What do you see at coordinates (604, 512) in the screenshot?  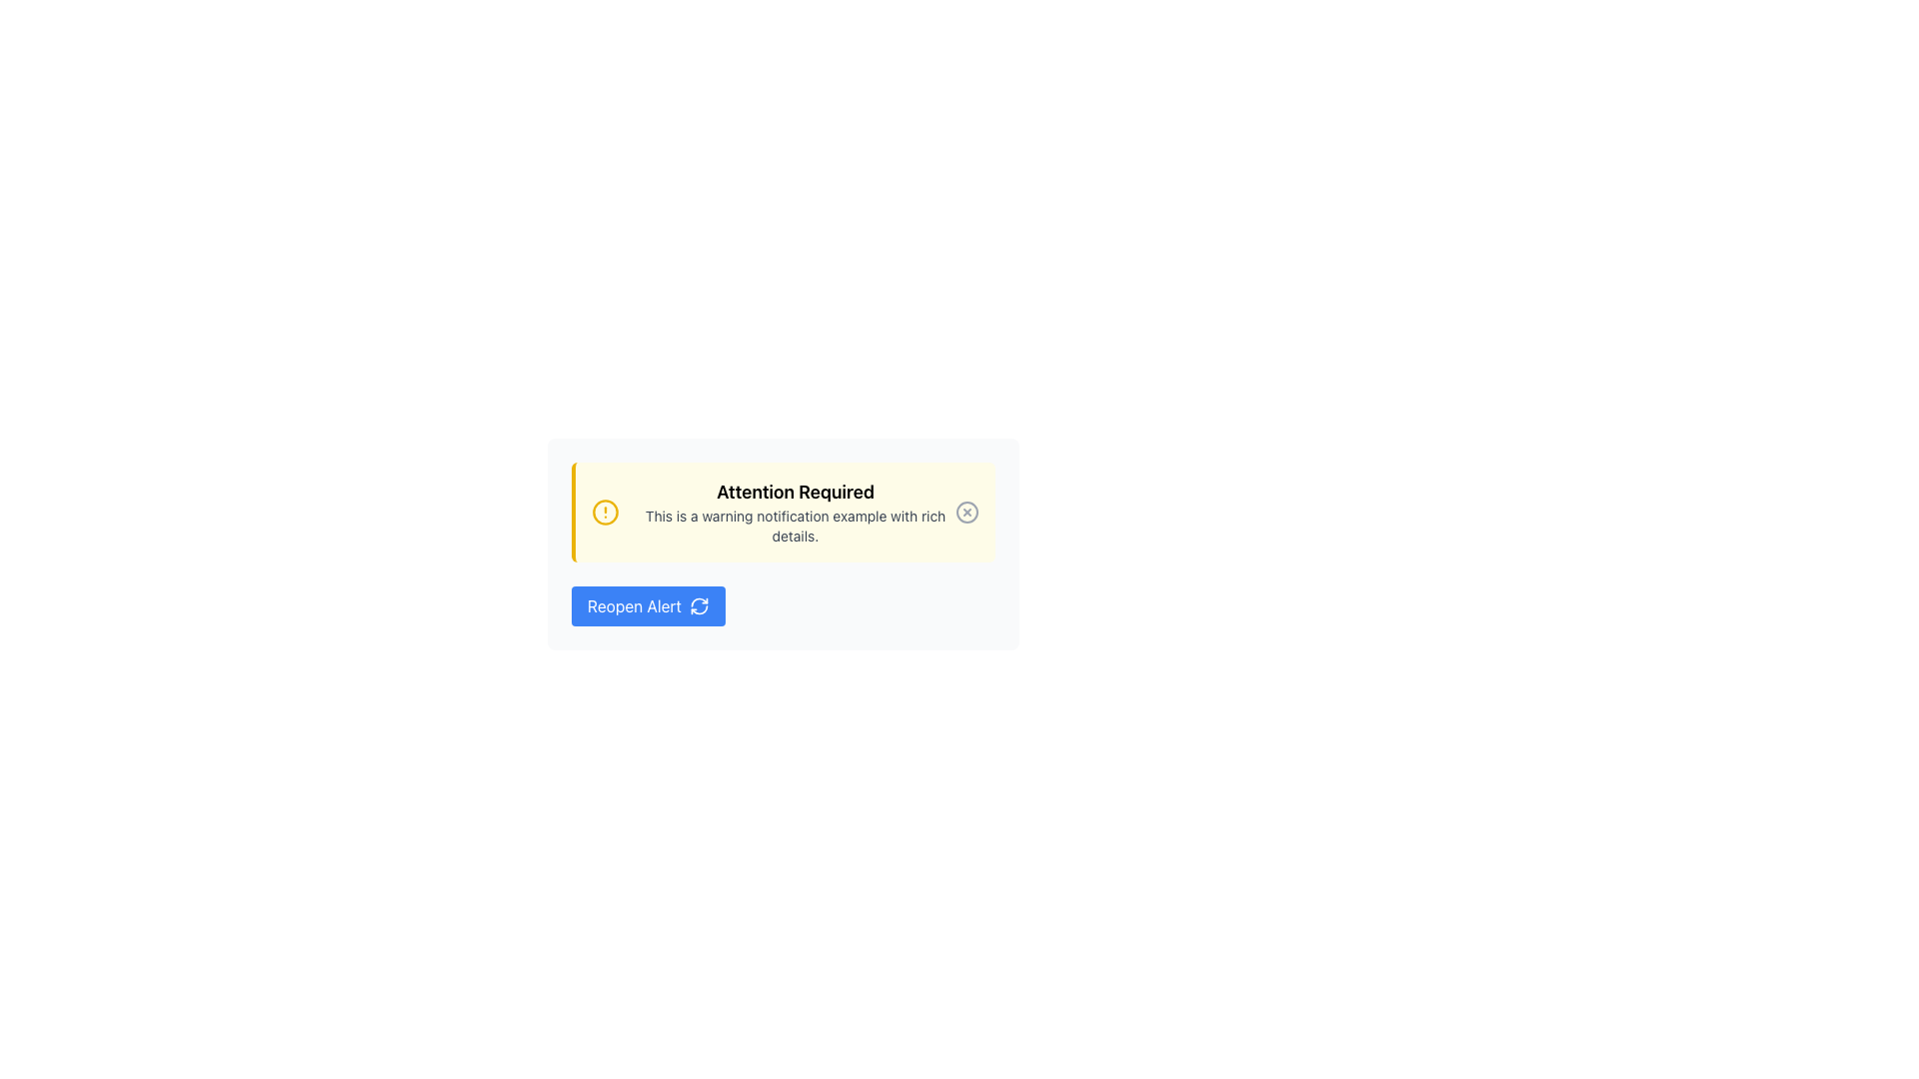 I see `the Circle SVG element with a yellow border that is part of the icon before the text 'Attention Required'` at bounding box center [604, 512].